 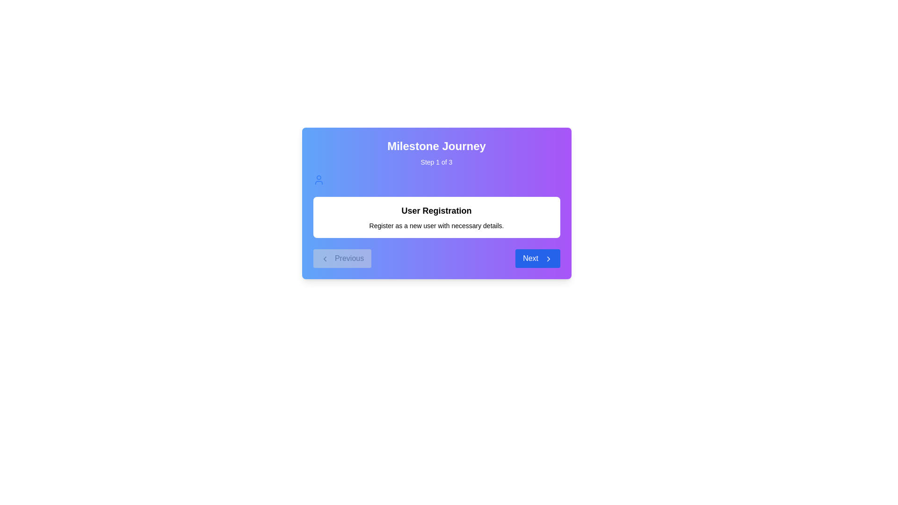 I want to click on the title text block located at the top of the panel, which is centered above the subtitle 'Step 1 of 3', so click(x=436, y=146).